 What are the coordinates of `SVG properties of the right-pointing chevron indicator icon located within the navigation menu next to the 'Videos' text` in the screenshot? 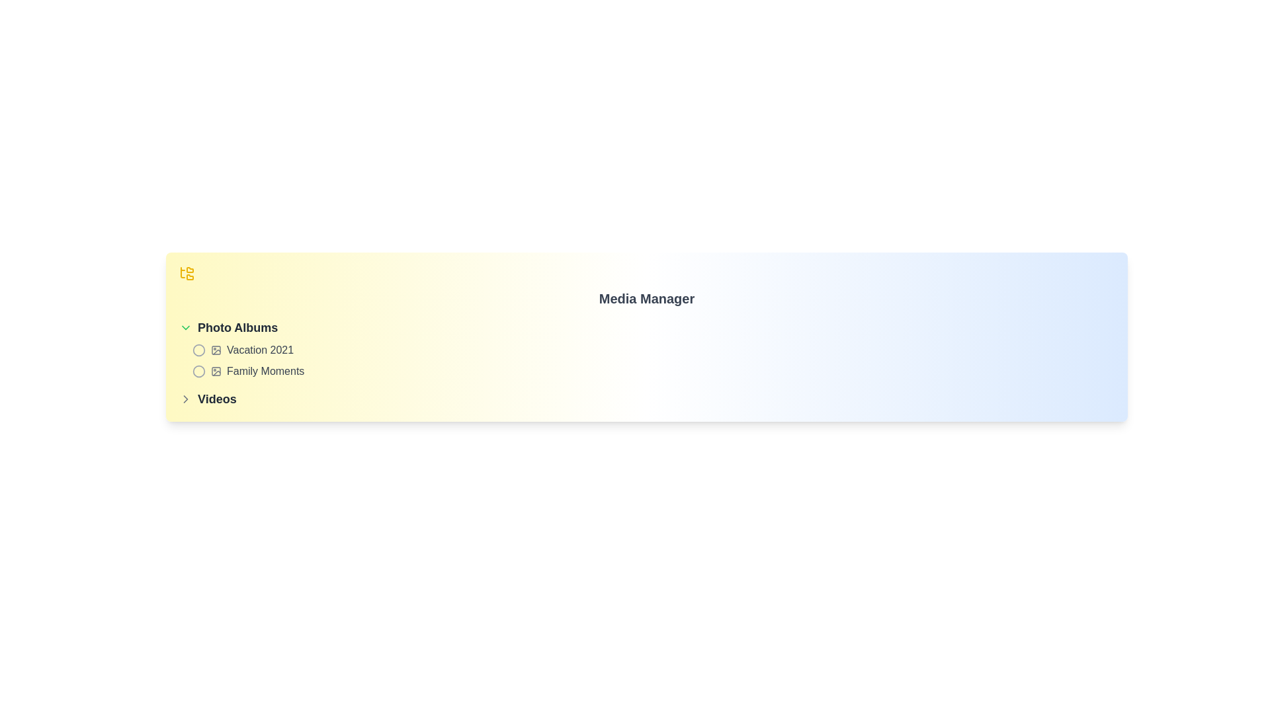 It's located at (185, 399).